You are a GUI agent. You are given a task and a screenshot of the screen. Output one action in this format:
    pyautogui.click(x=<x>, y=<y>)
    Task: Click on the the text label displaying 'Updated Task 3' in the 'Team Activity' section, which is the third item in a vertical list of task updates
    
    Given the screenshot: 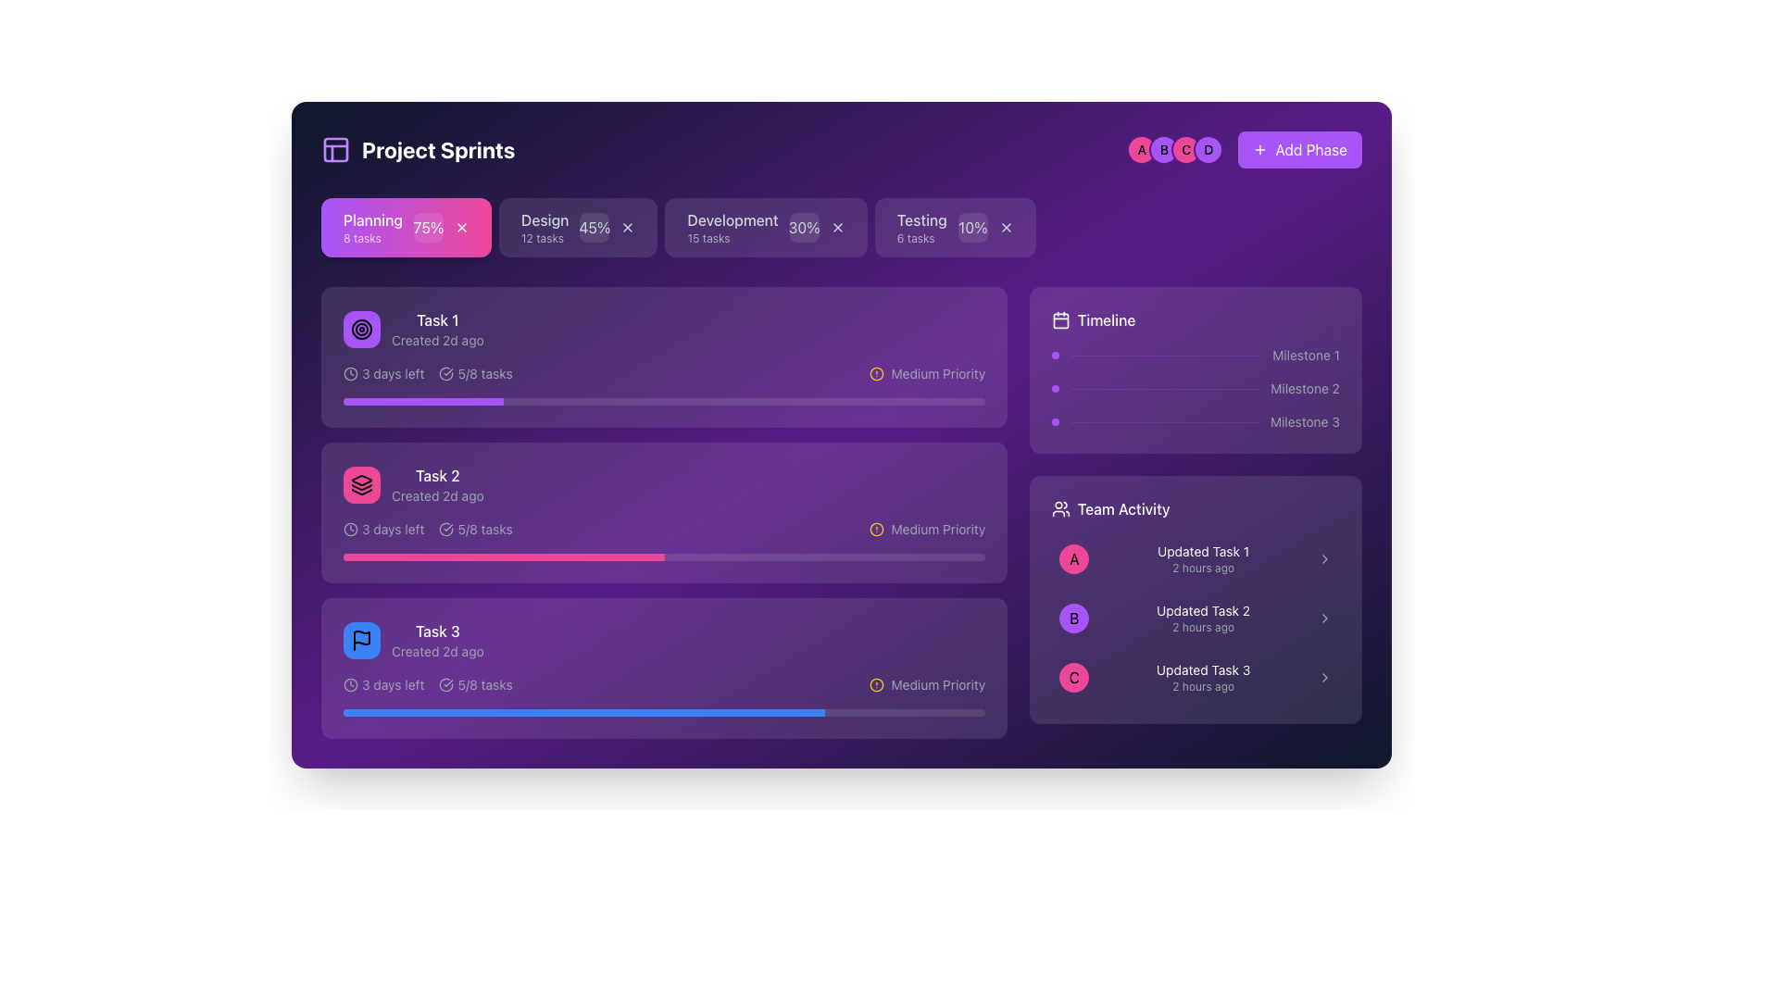 What is the action you would take?
    pyautogui.click(x=1203, y=670)
    